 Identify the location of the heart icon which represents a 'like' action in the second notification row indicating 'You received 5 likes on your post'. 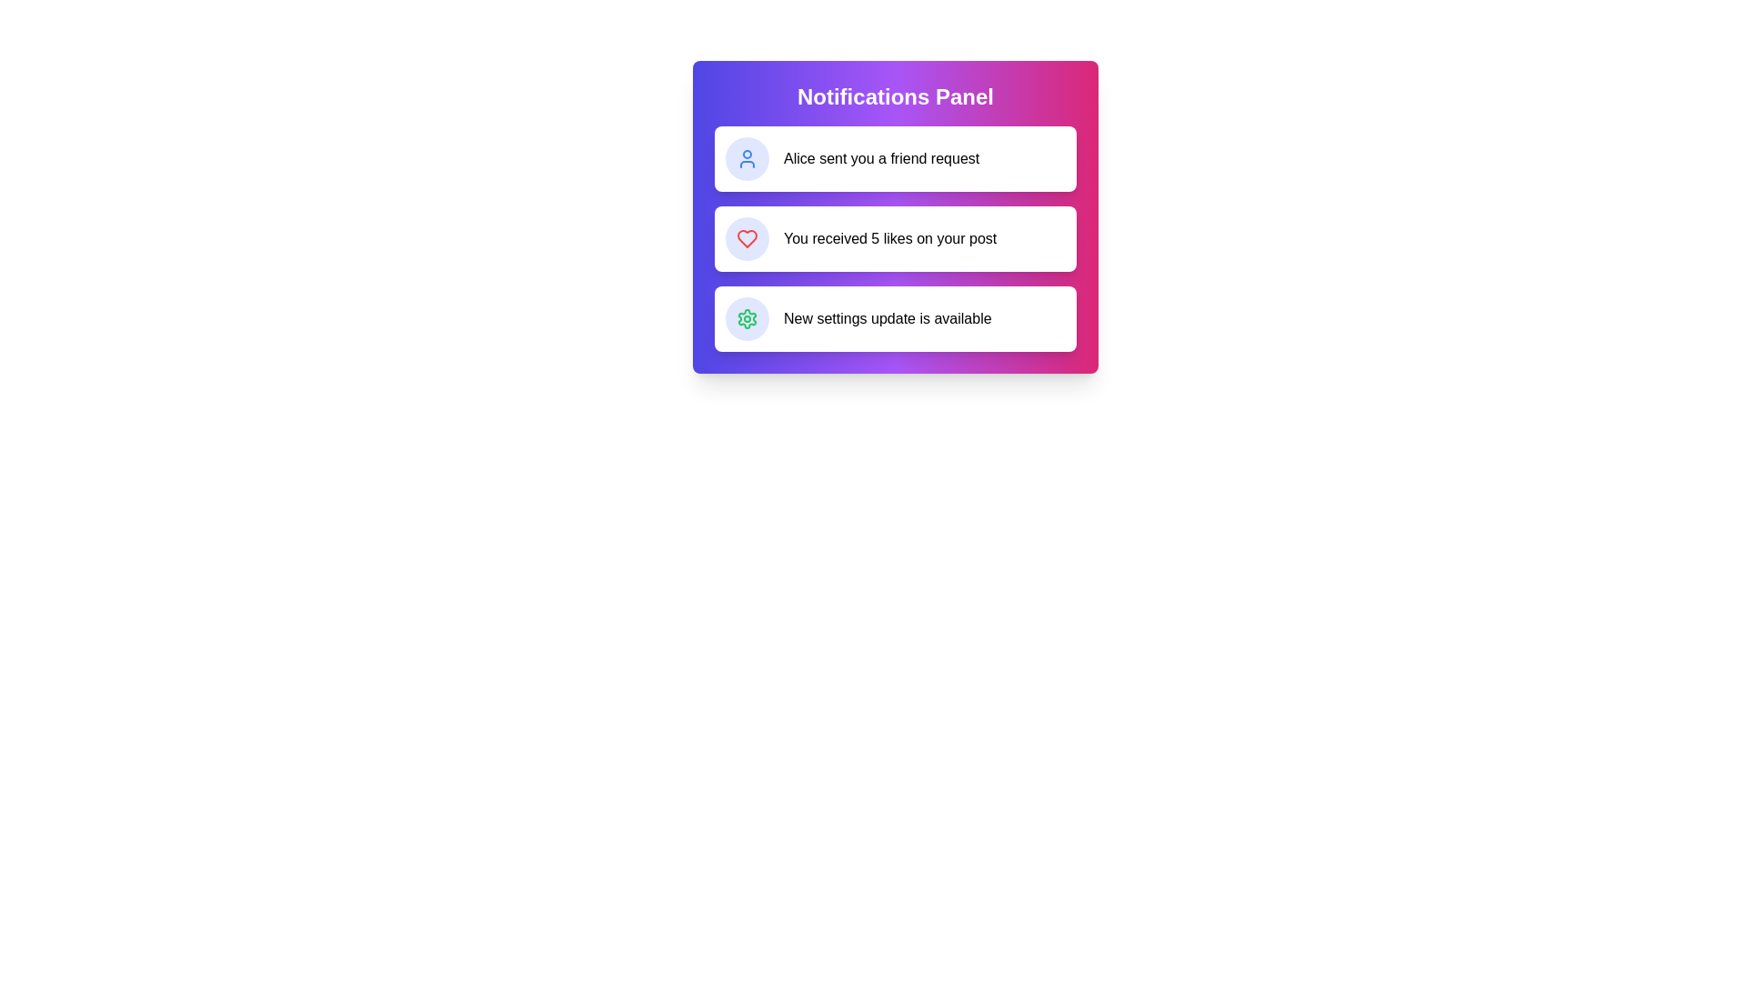
(747, 237).